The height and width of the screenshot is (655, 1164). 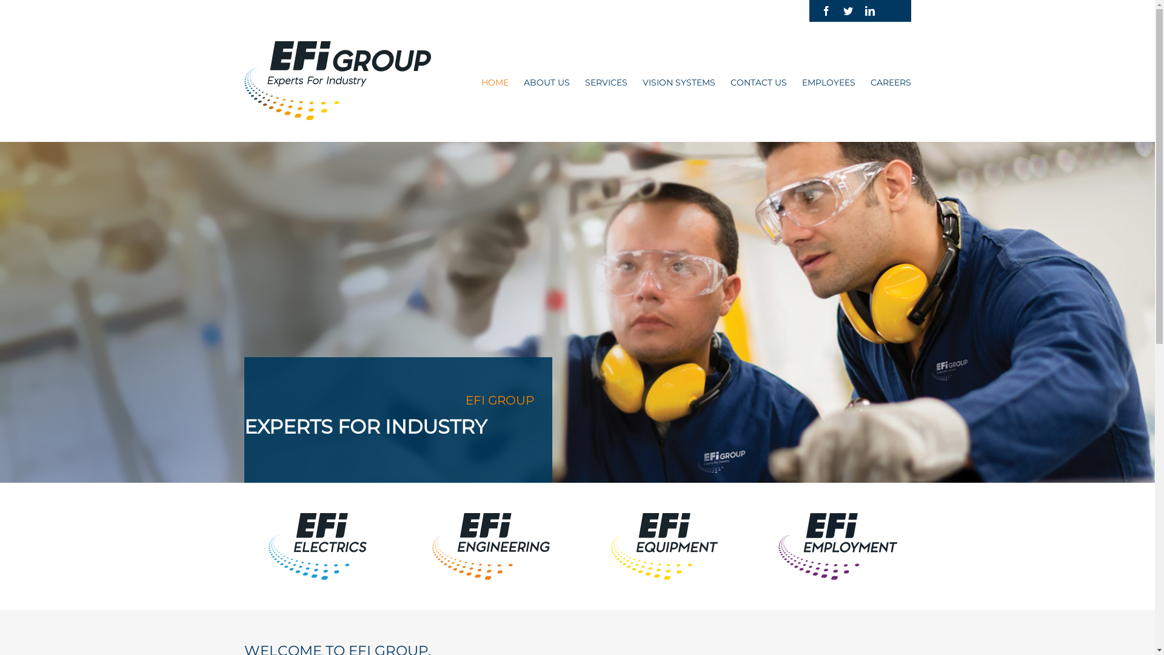 I want to click on 'HOME', so click(x=495, y=82).